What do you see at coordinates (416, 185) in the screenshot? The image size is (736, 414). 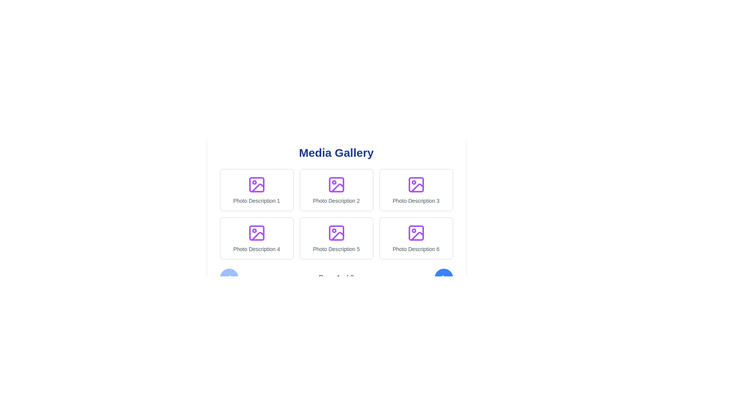 I see `the decorative shape within the purple picture frame icon located in the top-right section of the media gallery` at bounding box center [416, 185].